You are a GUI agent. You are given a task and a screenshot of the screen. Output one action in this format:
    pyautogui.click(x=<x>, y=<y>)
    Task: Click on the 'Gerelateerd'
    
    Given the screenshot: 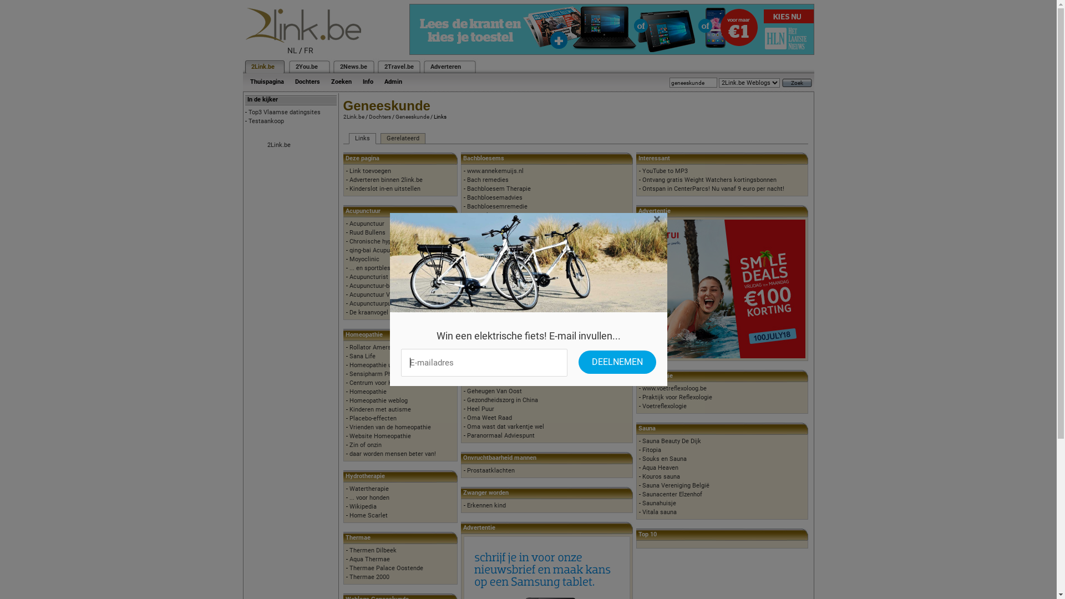 What is the action you would take?
    pyautogui.click(x=402, y=138)
    